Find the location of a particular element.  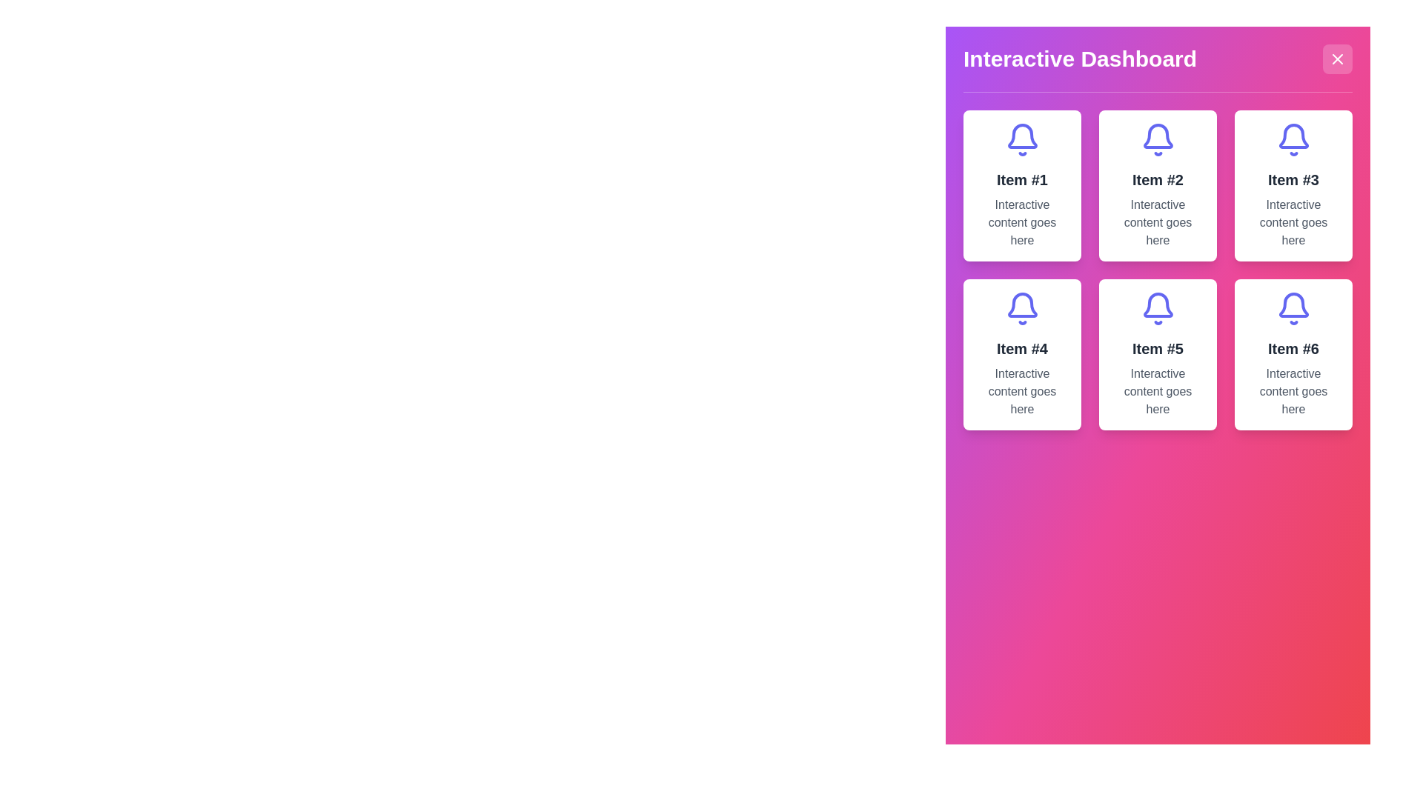

the text element displaying 'Item #5', which is styled in bold, large gray font and is located in the center column of the second item in the bottom row of a 3x2 grid layout is located at coordinates (1157, 348).